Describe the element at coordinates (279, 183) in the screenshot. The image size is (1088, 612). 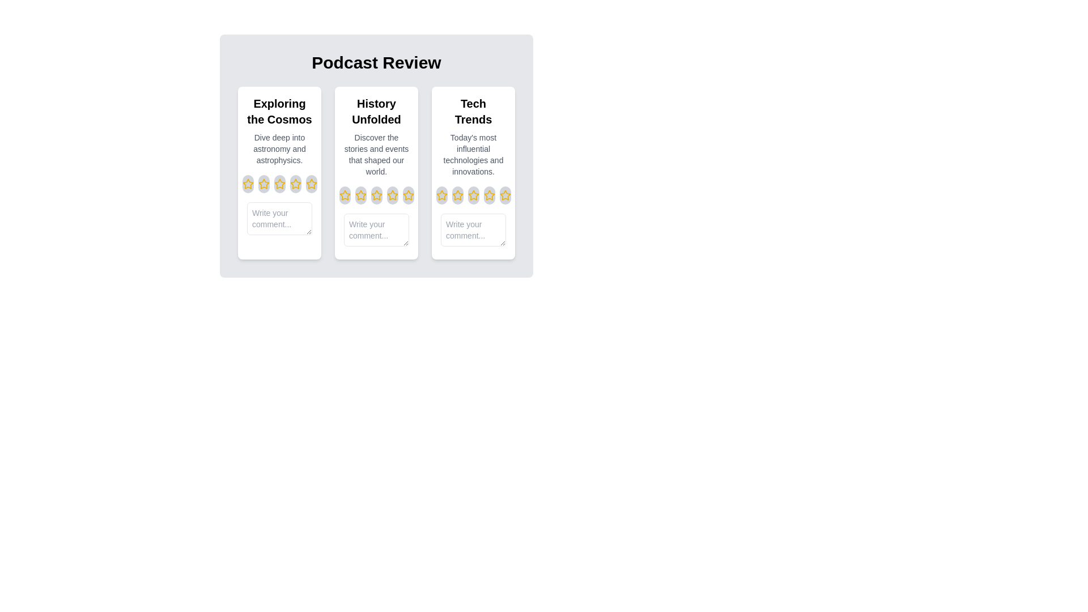
I see `the rating for an episode to 3 stars by clicking on the corresponding star` at that location.